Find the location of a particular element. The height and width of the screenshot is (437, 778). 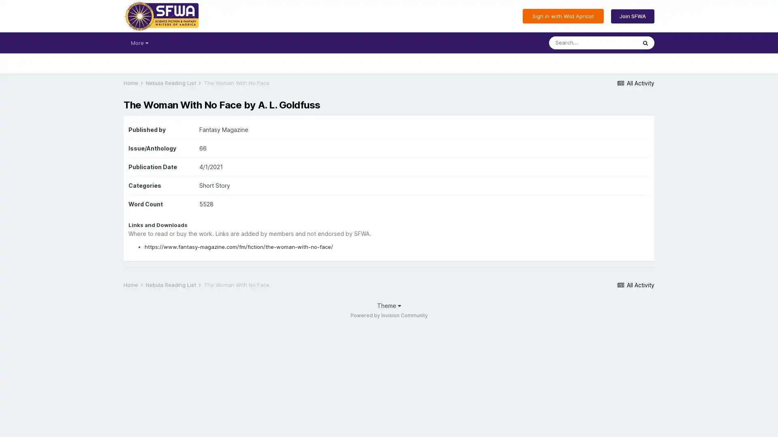

Search is located at coordinates (645, 42).